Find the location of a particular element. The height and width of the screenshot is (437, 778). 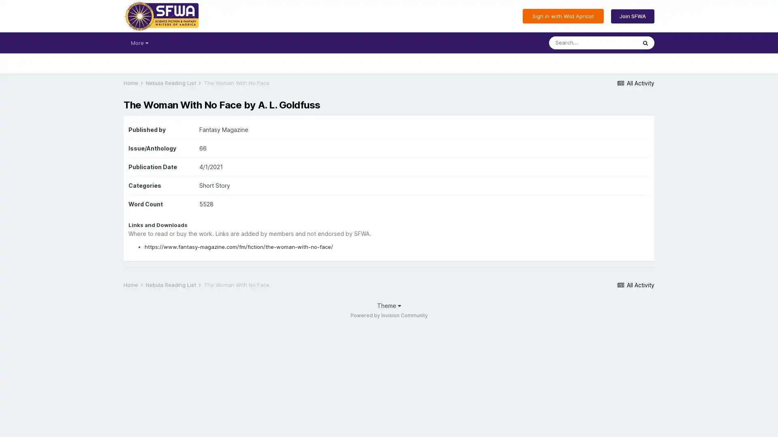

Search is located at coordinates (645, 42).